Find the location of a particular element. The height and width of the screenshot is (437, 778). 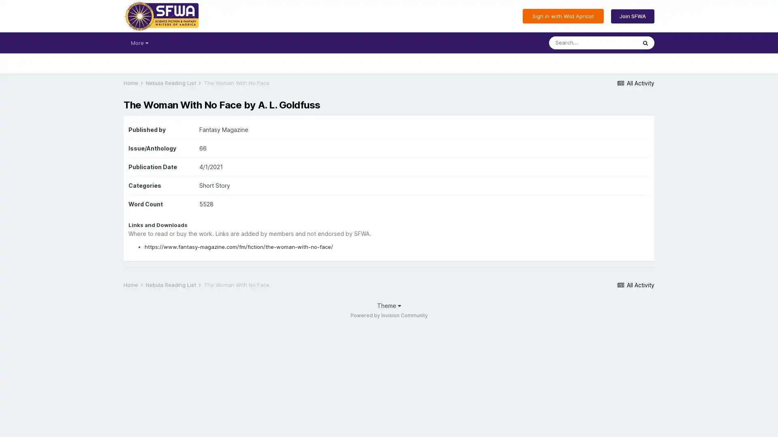

Search is located at coordinates (645, 42).